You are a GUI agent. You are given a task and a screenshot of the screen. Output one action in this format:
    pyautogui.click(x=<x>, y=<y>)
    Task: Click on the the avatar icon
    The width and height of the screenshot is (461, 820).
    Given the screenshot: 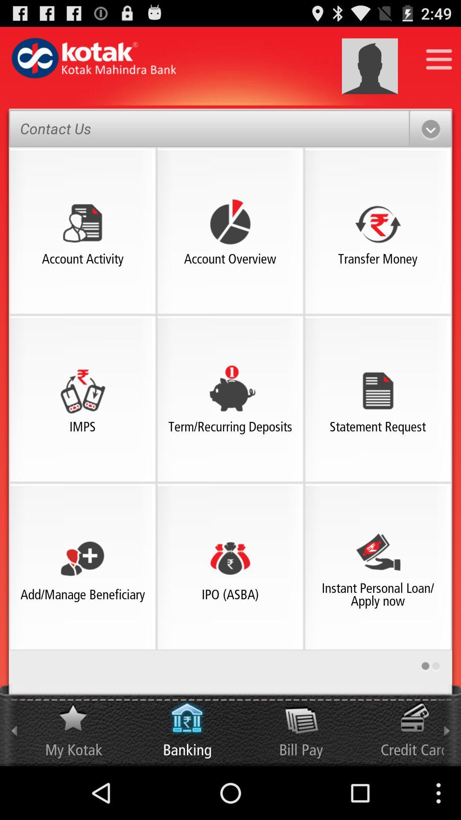 What is the action you would take?
    pyautogui.click(x=369, y=70)
    